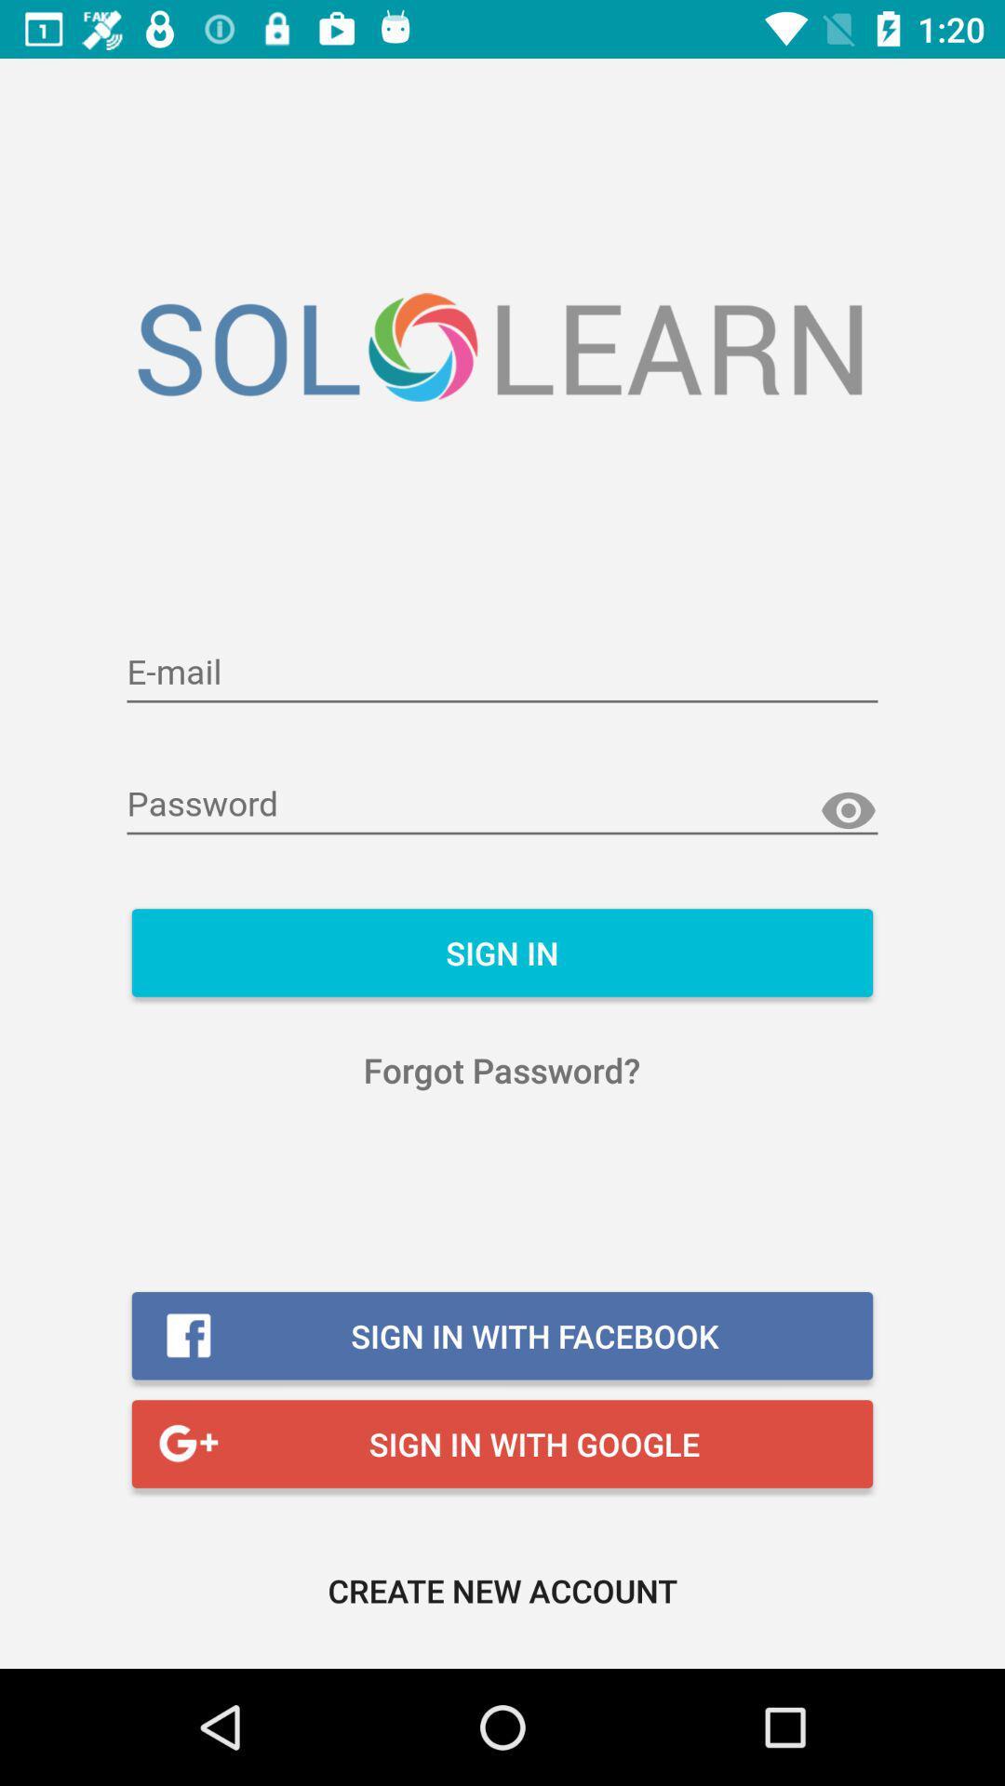  I want to click on item above the sign in with, so click(501, 1070).